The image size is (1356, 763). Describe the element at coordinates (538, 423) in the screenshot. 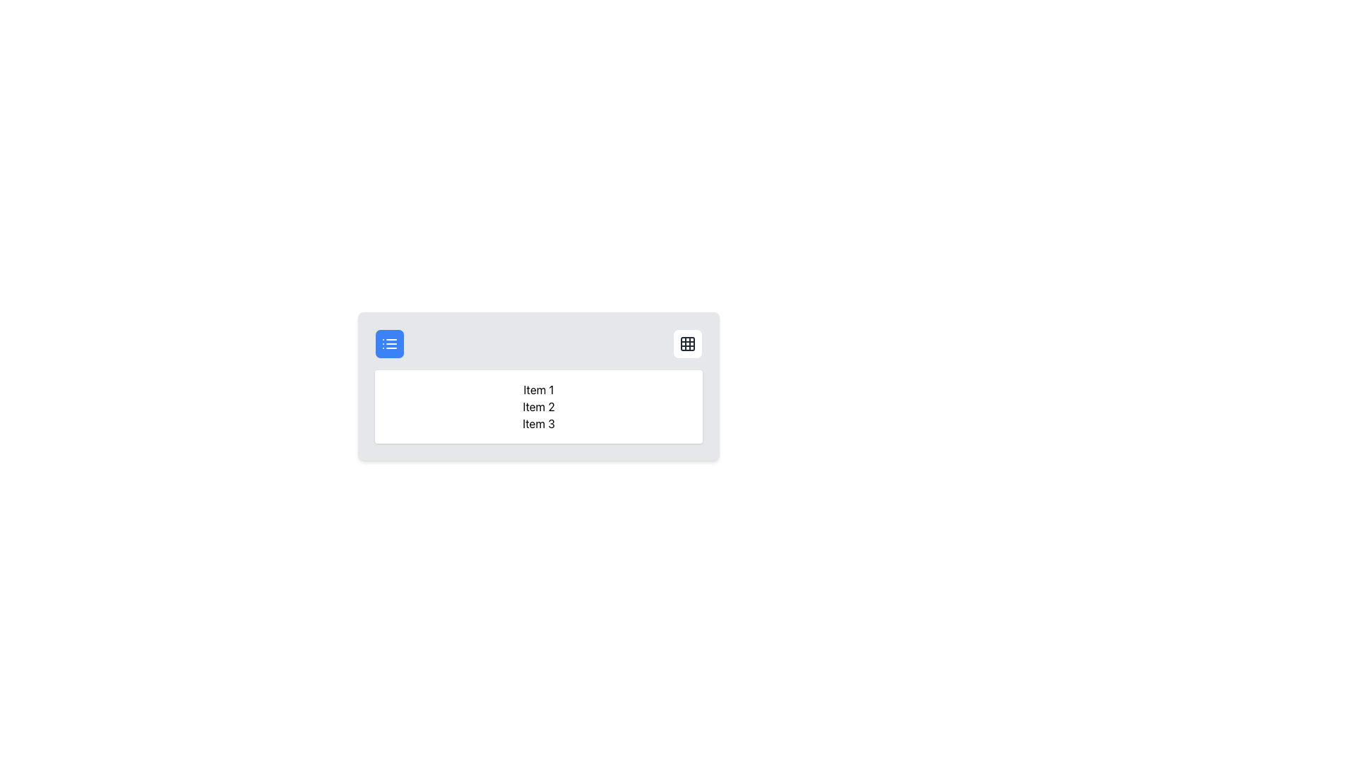

I see `the third text label in a vertically stacked list, labeled 'Item 3', which is located at the bottom of the list within a white pane` at that location.